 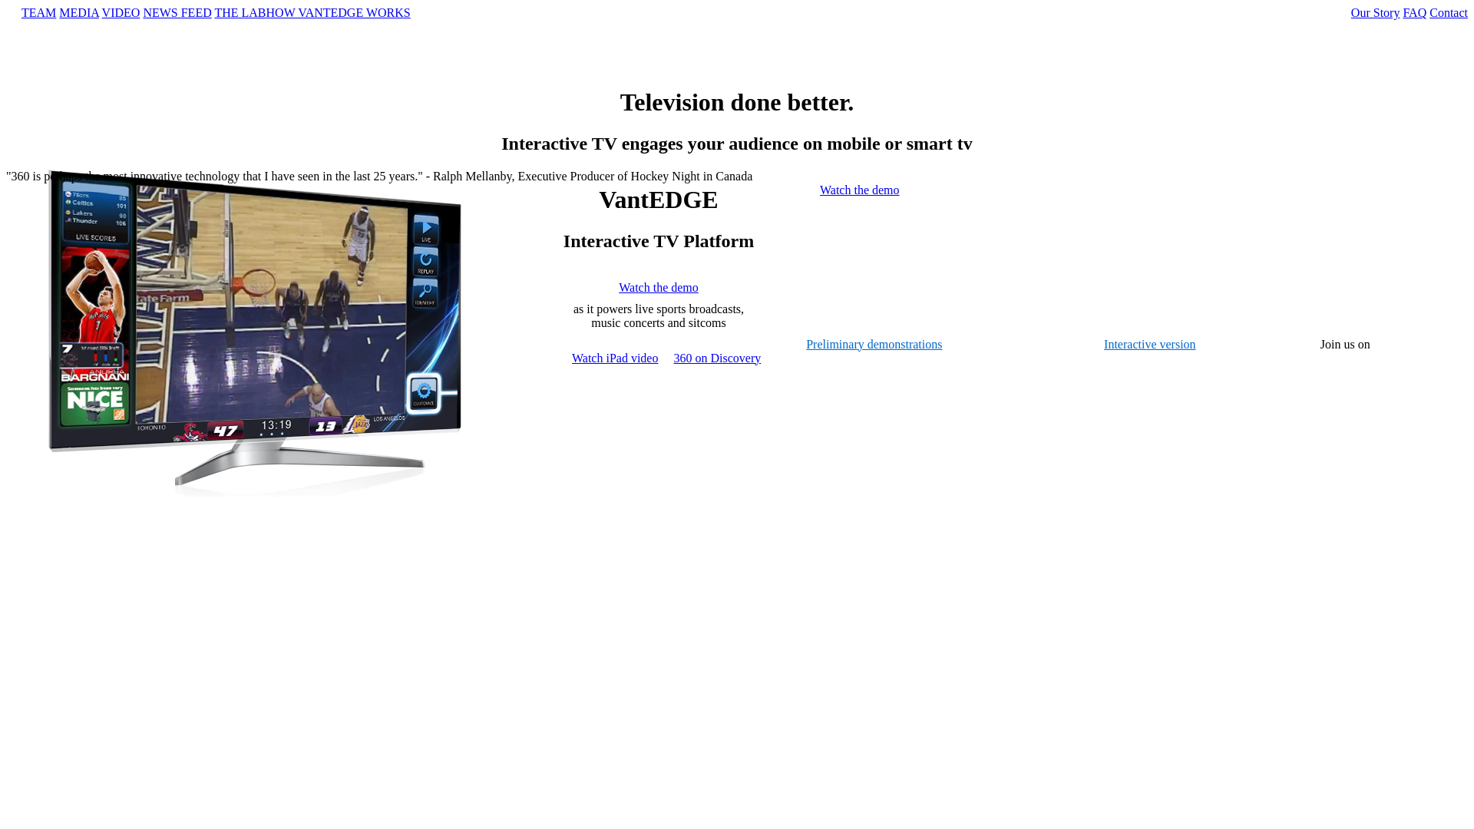 What do you see at coordinates (213, 12) in the screenshot?
I see `'THE LAB'` at bounding box center [213, 12].